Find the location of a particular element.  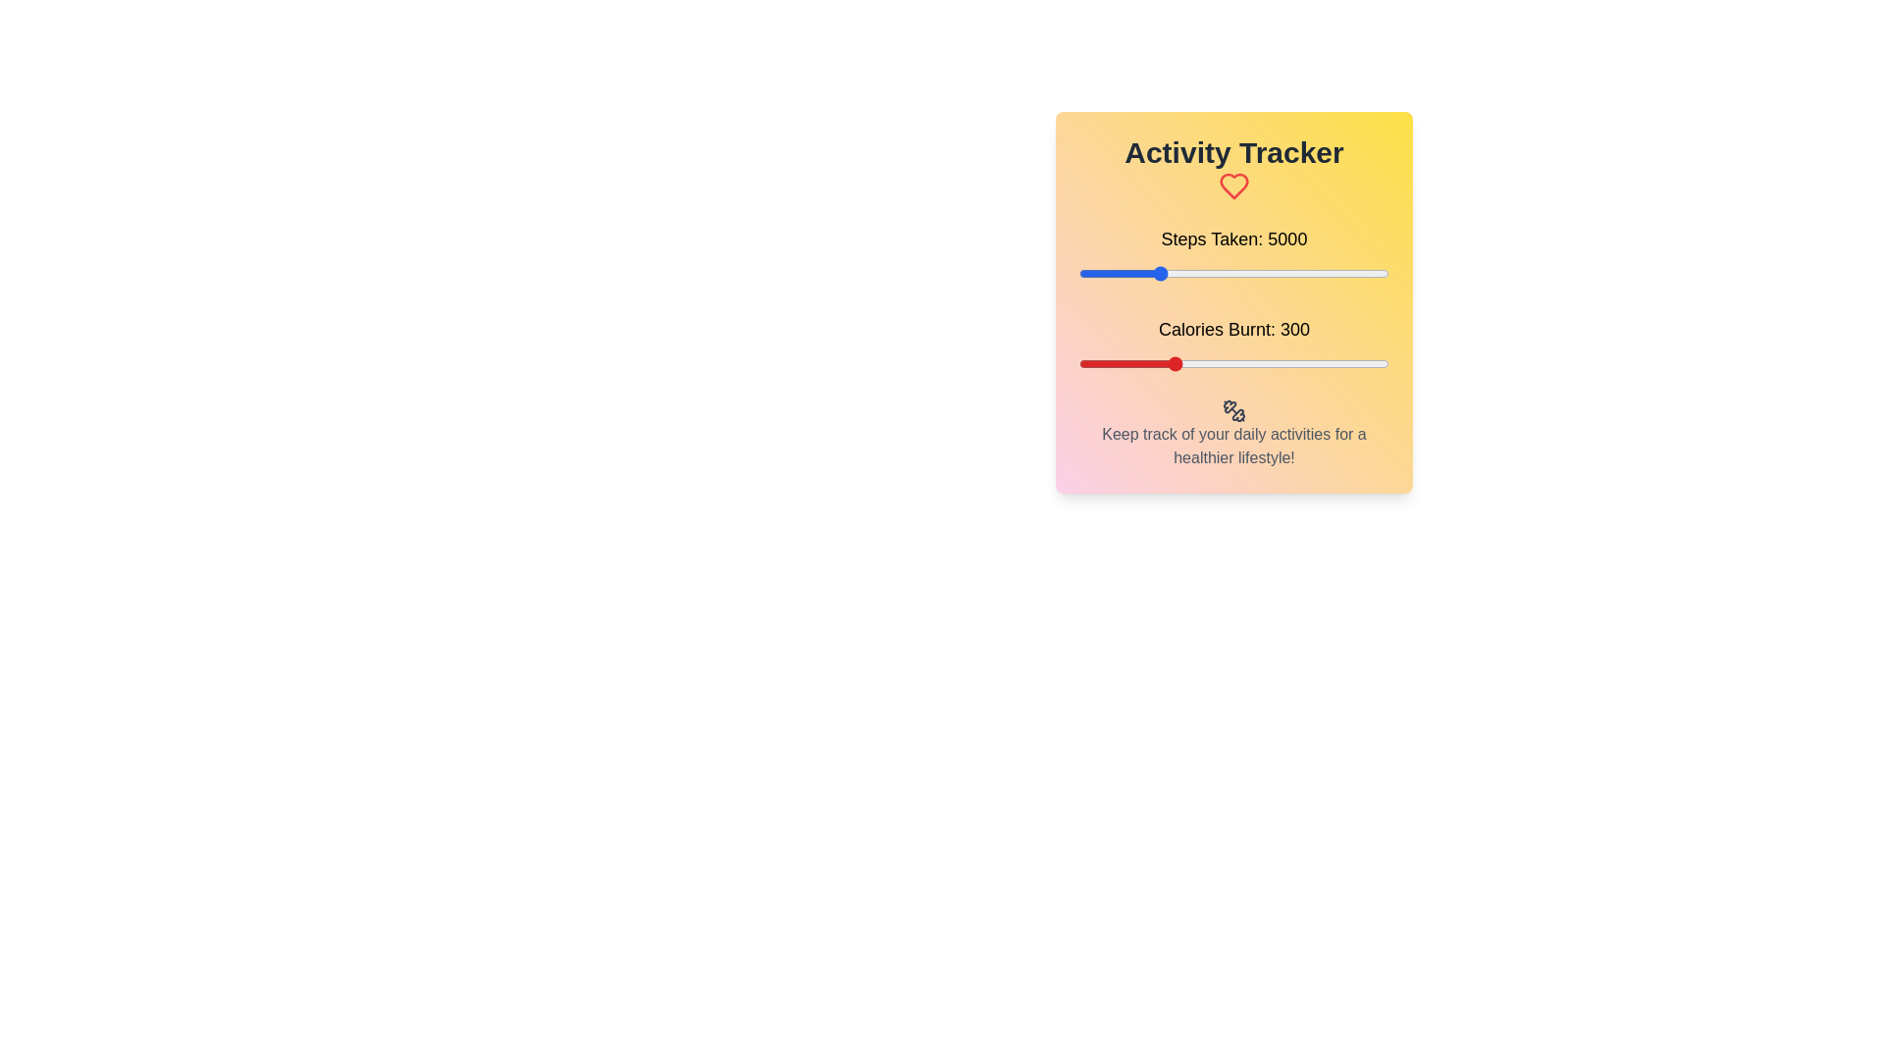

steps taken is located at coordinates (1218, 273).